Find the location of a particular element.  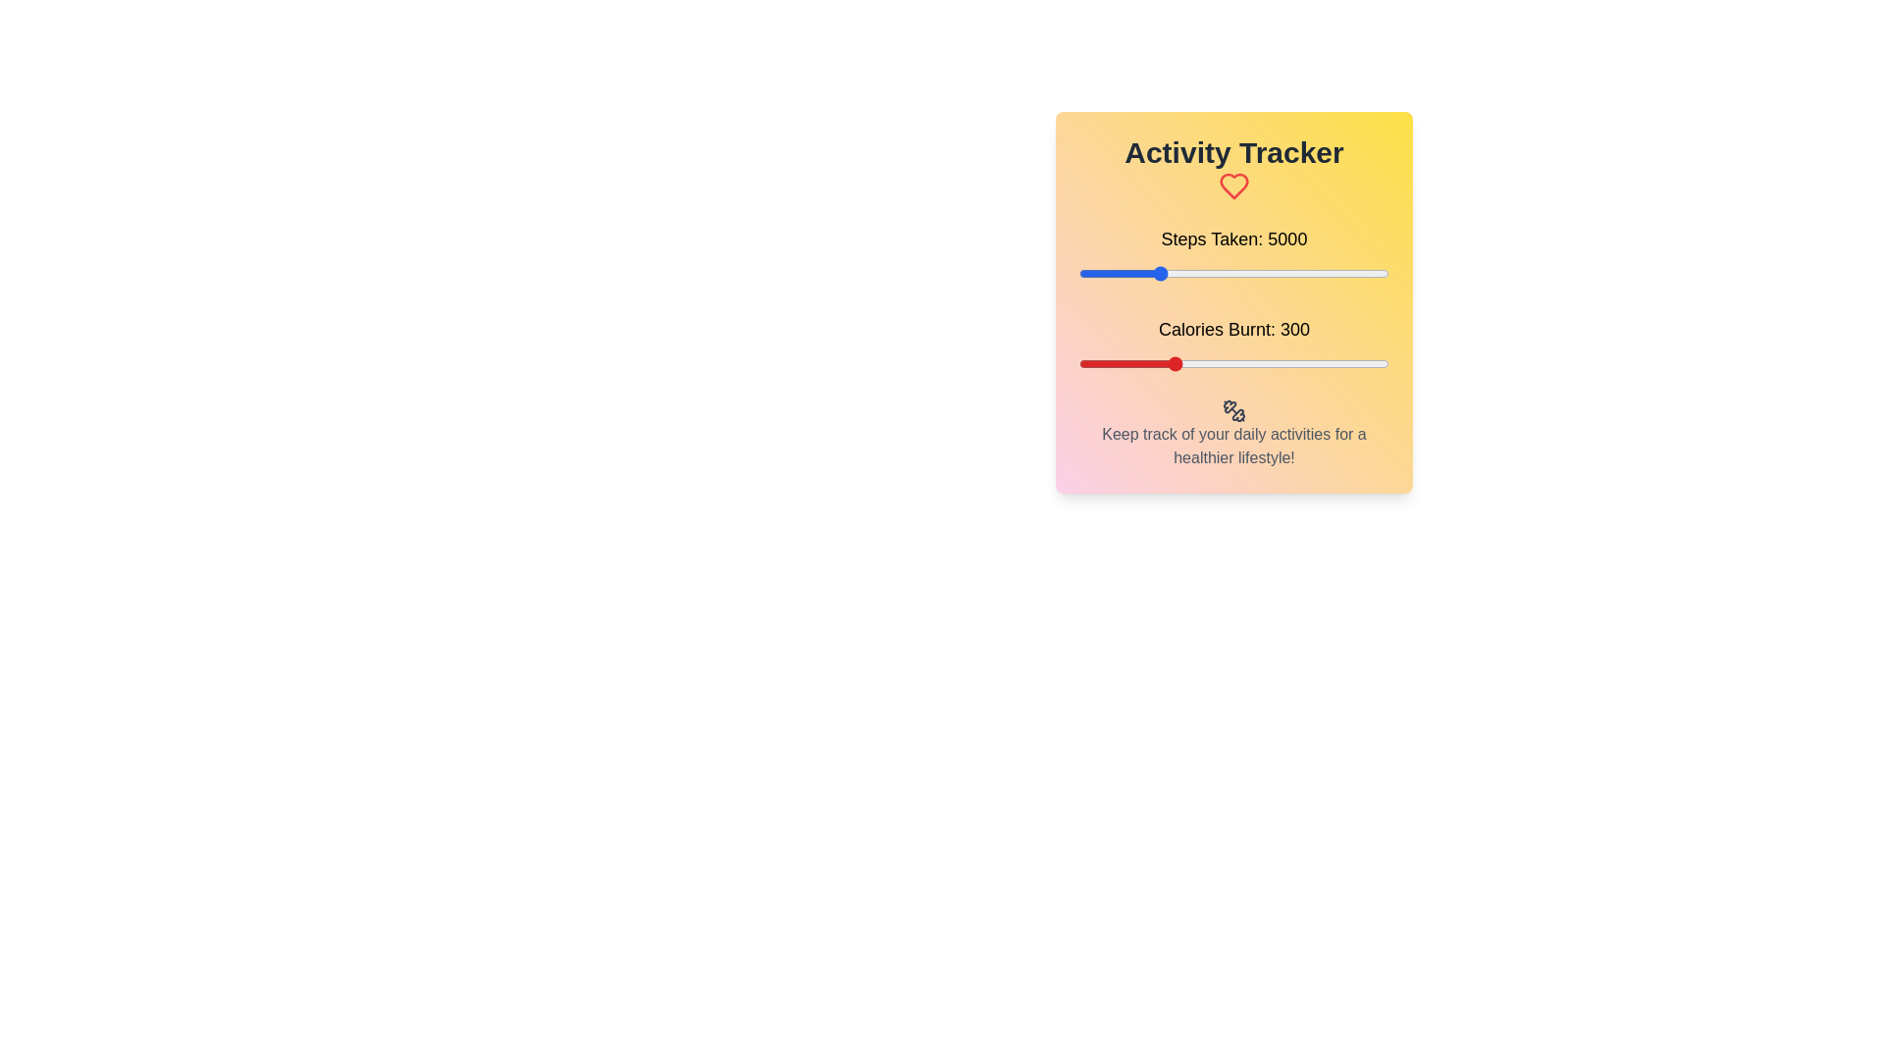

steps taken is located at coordinates (1218, 273).